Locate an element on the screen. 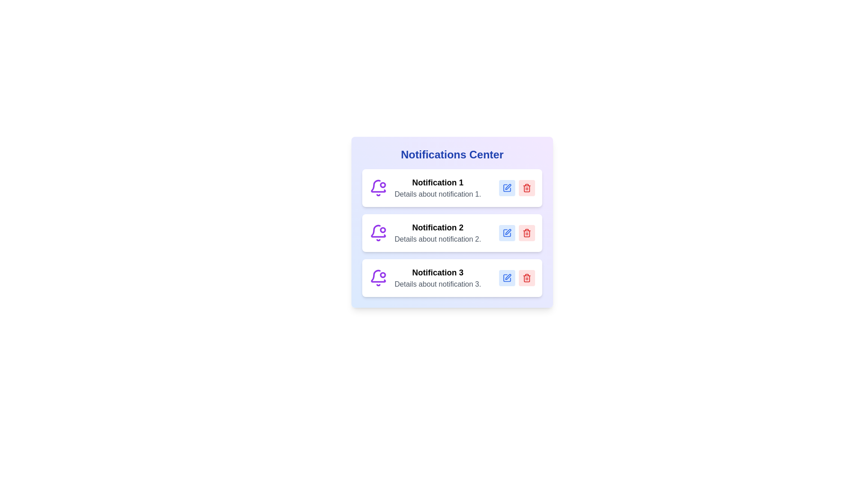 This screenshot has height=486, width=864. the second notification item displayed in the notification center card is located at coordinates (438, 232).